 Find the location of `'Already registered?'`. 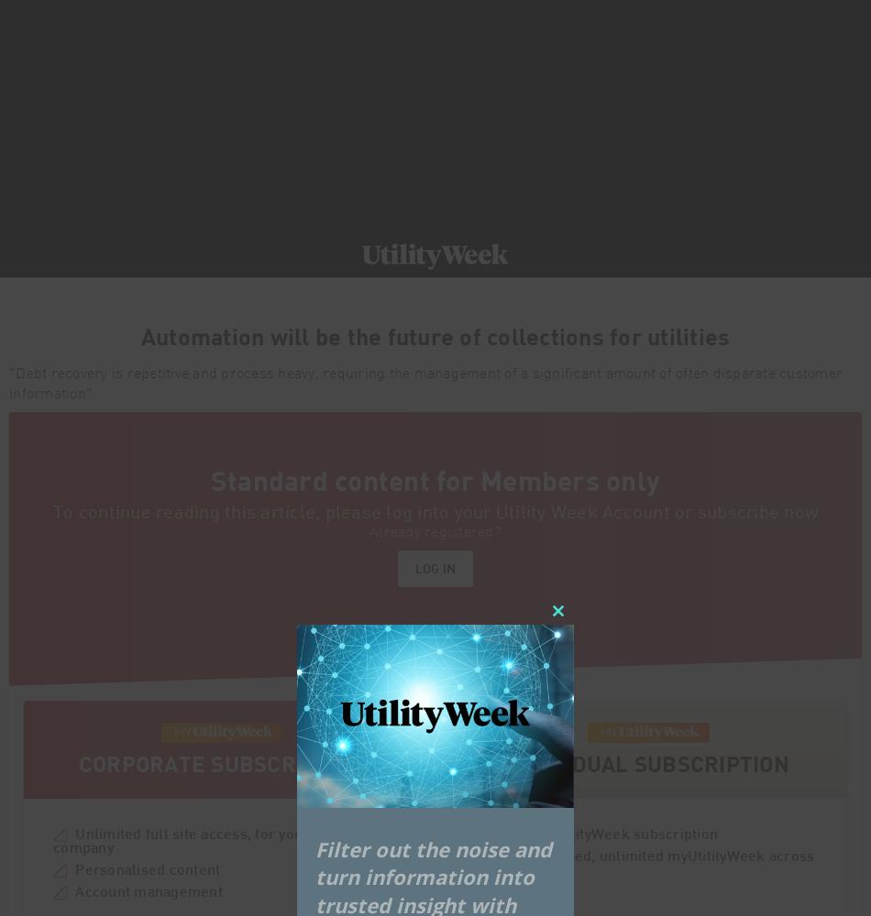

'Already registered?' is located at coordinates (368, 531).